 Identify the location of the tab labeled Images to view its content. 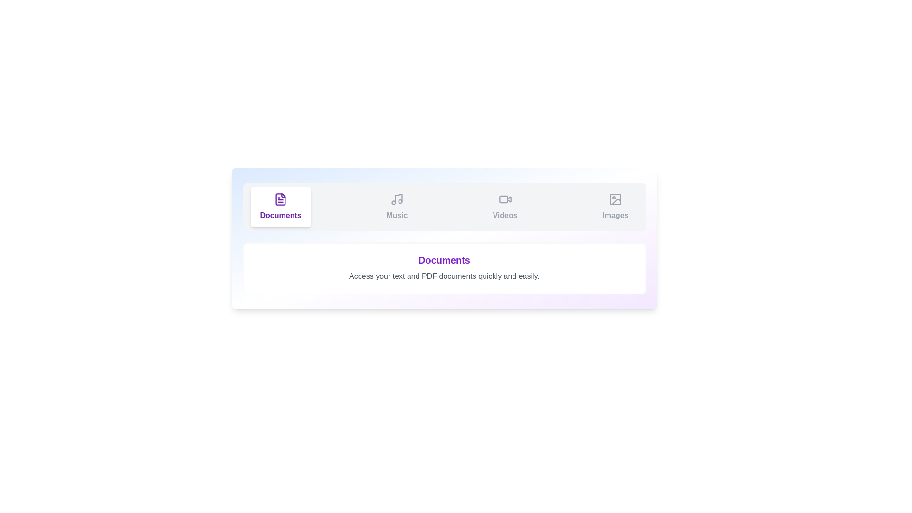
(616, 206).